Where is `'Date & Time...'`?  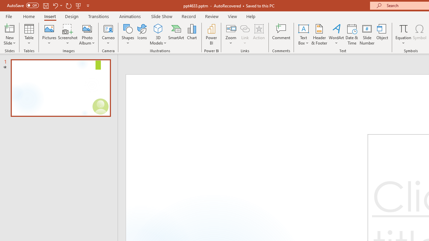
'Date & Time...' is located at coordinates (352, 34).